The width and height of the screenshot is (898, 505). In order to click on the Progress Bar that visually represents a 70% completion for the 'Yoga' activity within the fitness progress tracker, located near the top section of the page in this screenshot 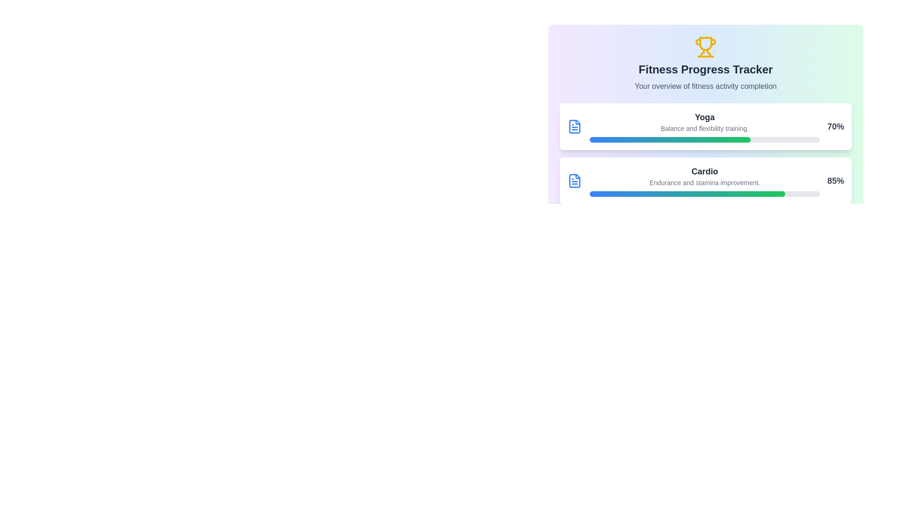, I will do `click(670, 140)`.